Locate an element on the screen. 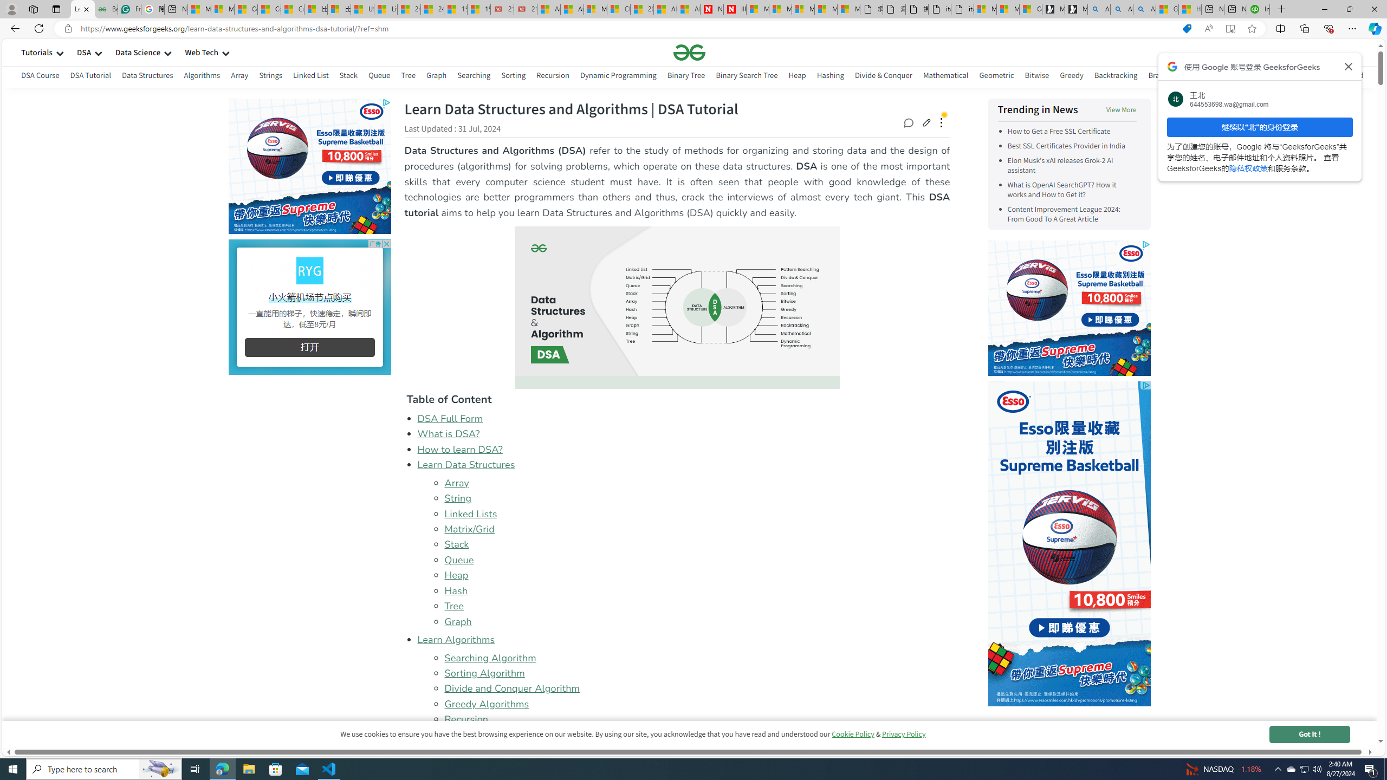  'DSA Course' is located at coordinates (40, 76).